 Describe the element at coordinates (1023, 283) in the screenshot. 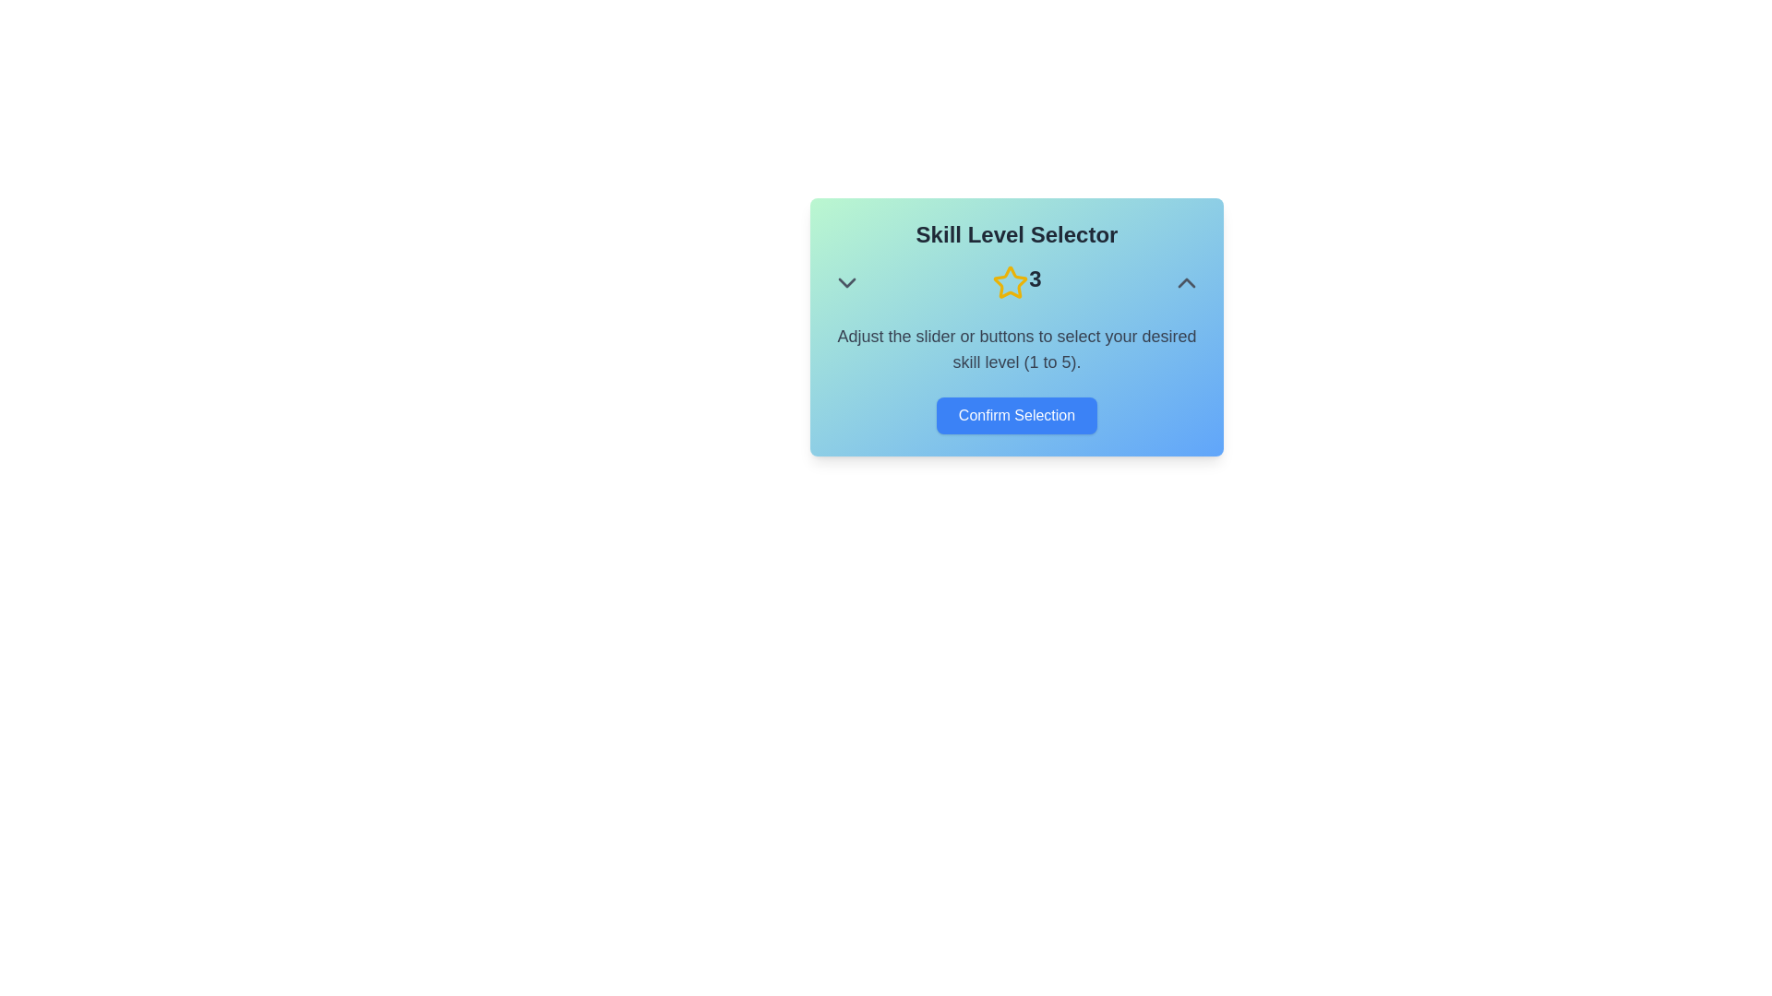

I see `the star icon to set the skill level to 3` at that location.